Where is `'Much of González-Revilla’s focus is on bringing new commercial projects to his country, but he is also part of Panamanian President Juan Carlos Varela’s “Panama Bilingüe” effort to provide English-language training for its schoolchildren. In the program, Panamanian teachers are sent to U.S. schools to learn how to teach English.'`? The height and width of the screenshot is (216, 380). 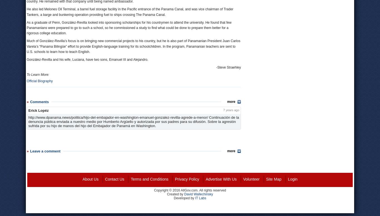 'Much of González-Revilla’s focus is on bringing new commercial projects to his country, but he is also part of Panamanian President Juan Carlos Varela’s “Panama Bilingüe” effort to provide English-language training for its schoolchildren. In the program, Panamanian teachers are sent to U.S. schools to learn how to teach English.' is located at coordinates (133, 46).